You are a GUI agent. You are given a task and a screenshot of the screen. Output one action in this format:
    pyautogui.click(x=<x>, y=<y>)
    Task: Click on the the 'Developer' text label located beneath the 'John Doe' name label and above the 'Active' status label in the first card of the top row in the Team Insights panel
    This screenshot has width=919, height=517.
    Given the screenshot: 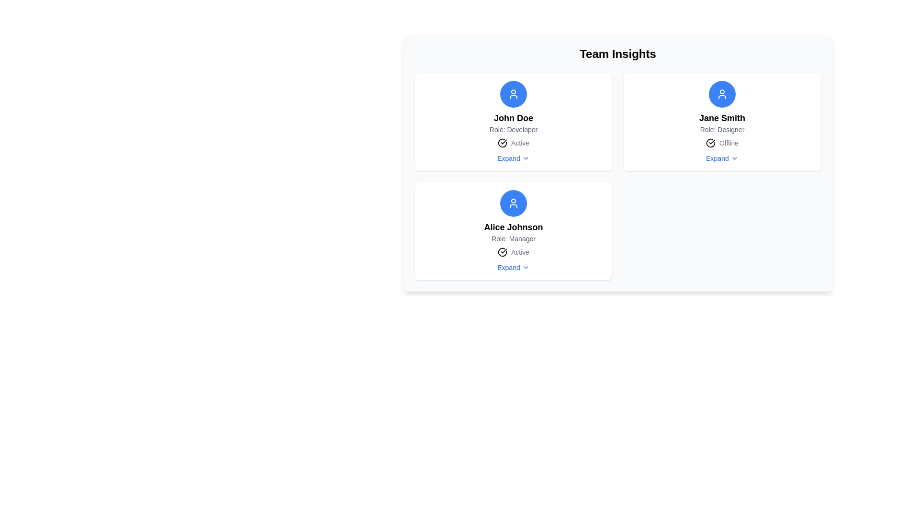 What is the action you would take?
    pyautogui.click(x=513, y=129)
    